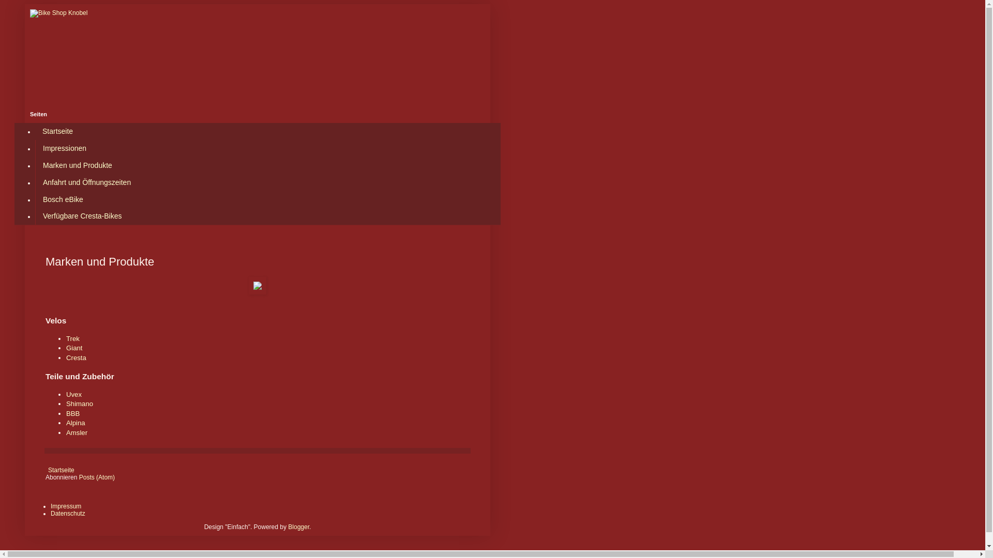  What do you see at coordinates (65, 505) in the screenshot?
I see `'Impressum'` at bounding box center [65, 505].